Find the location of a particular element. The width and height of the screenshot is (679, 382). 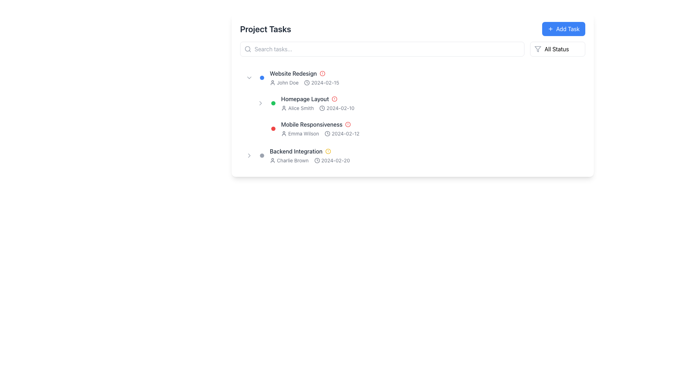

the search icon is located at coordinates (248, 48).